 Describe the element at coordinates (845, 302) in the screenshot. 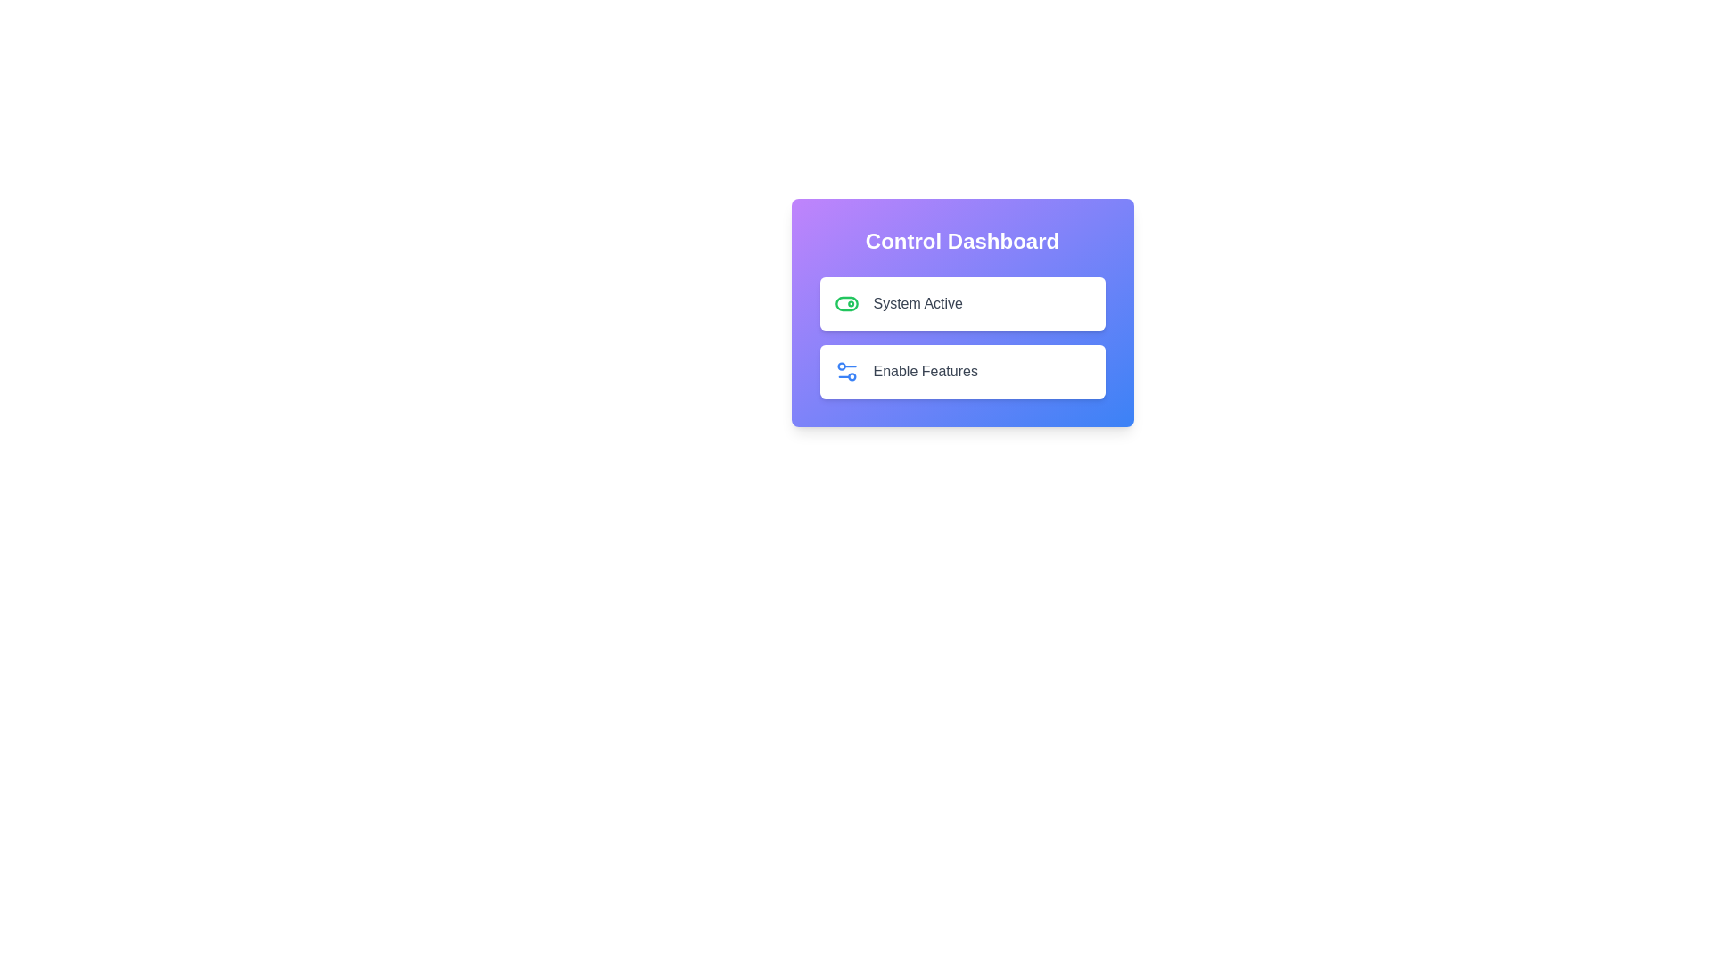

I see `the toggle icon next to 'System Active' to change its state` at that location.